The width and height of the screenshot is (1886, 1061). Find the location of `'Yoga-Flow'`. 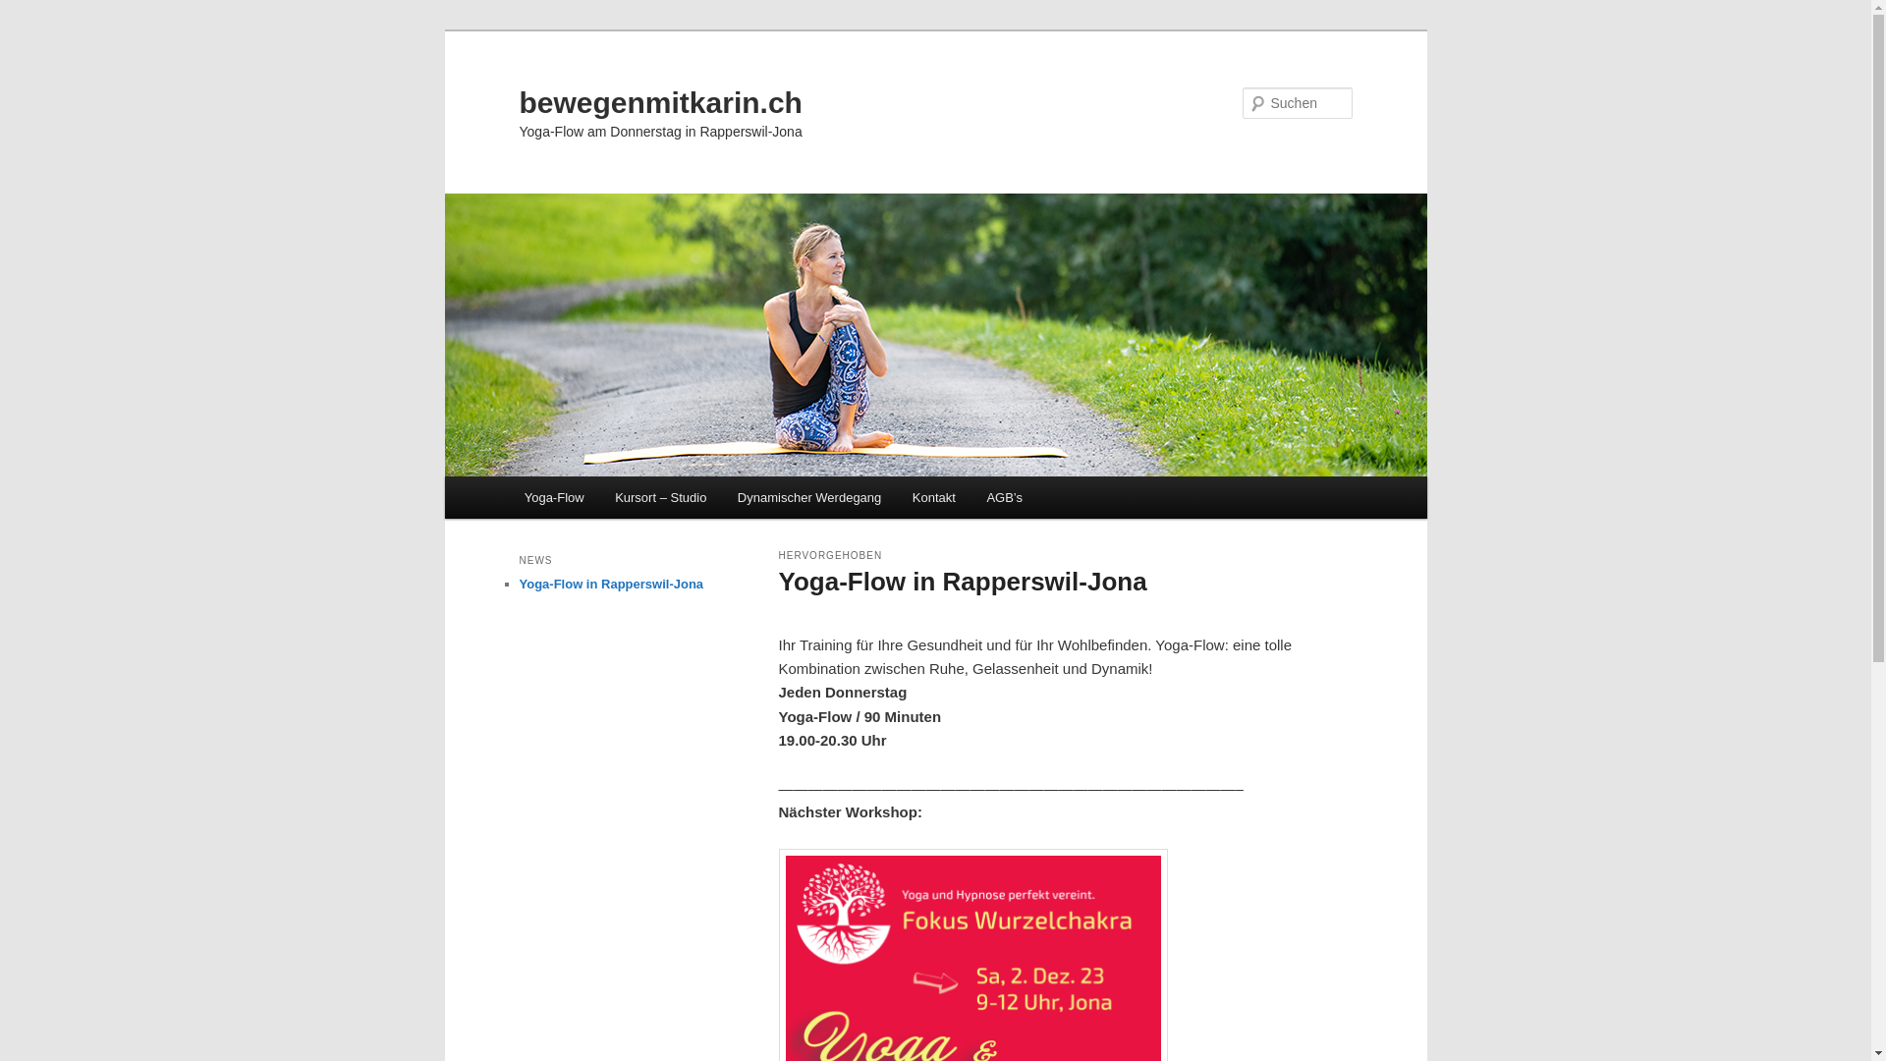

'Yoga-Flow' is located at coordinates (552, 496).